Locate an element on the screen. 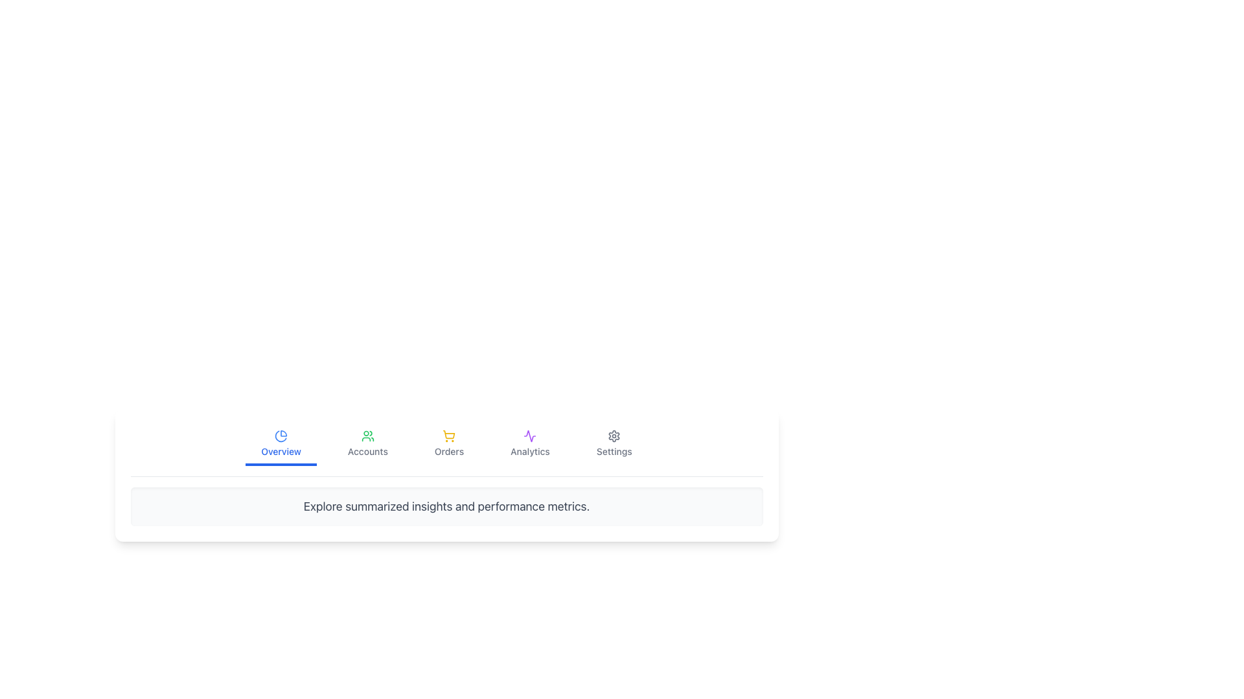 The width and height of the screenshot is (1244, 699). the 'Overview' icon located at the top center of the navigation menu, above the 'Overview' text label is located at coordinates (281, 436).